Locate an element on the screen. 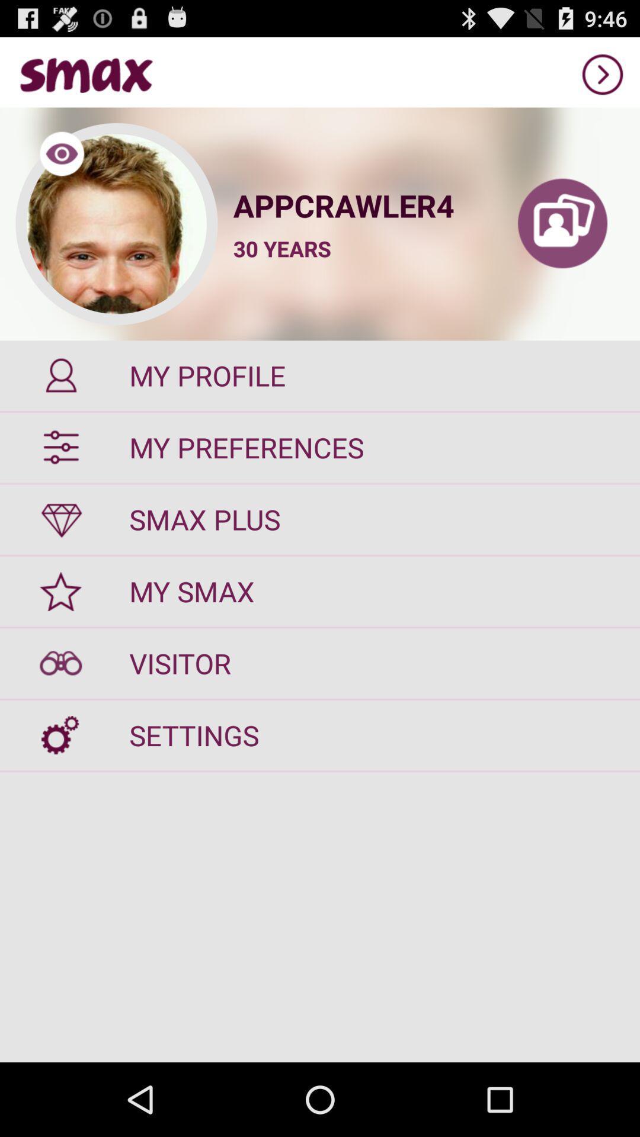 The width and height of the screenshot is (640, 1137). visitor button is located at coordinates (320, 663).